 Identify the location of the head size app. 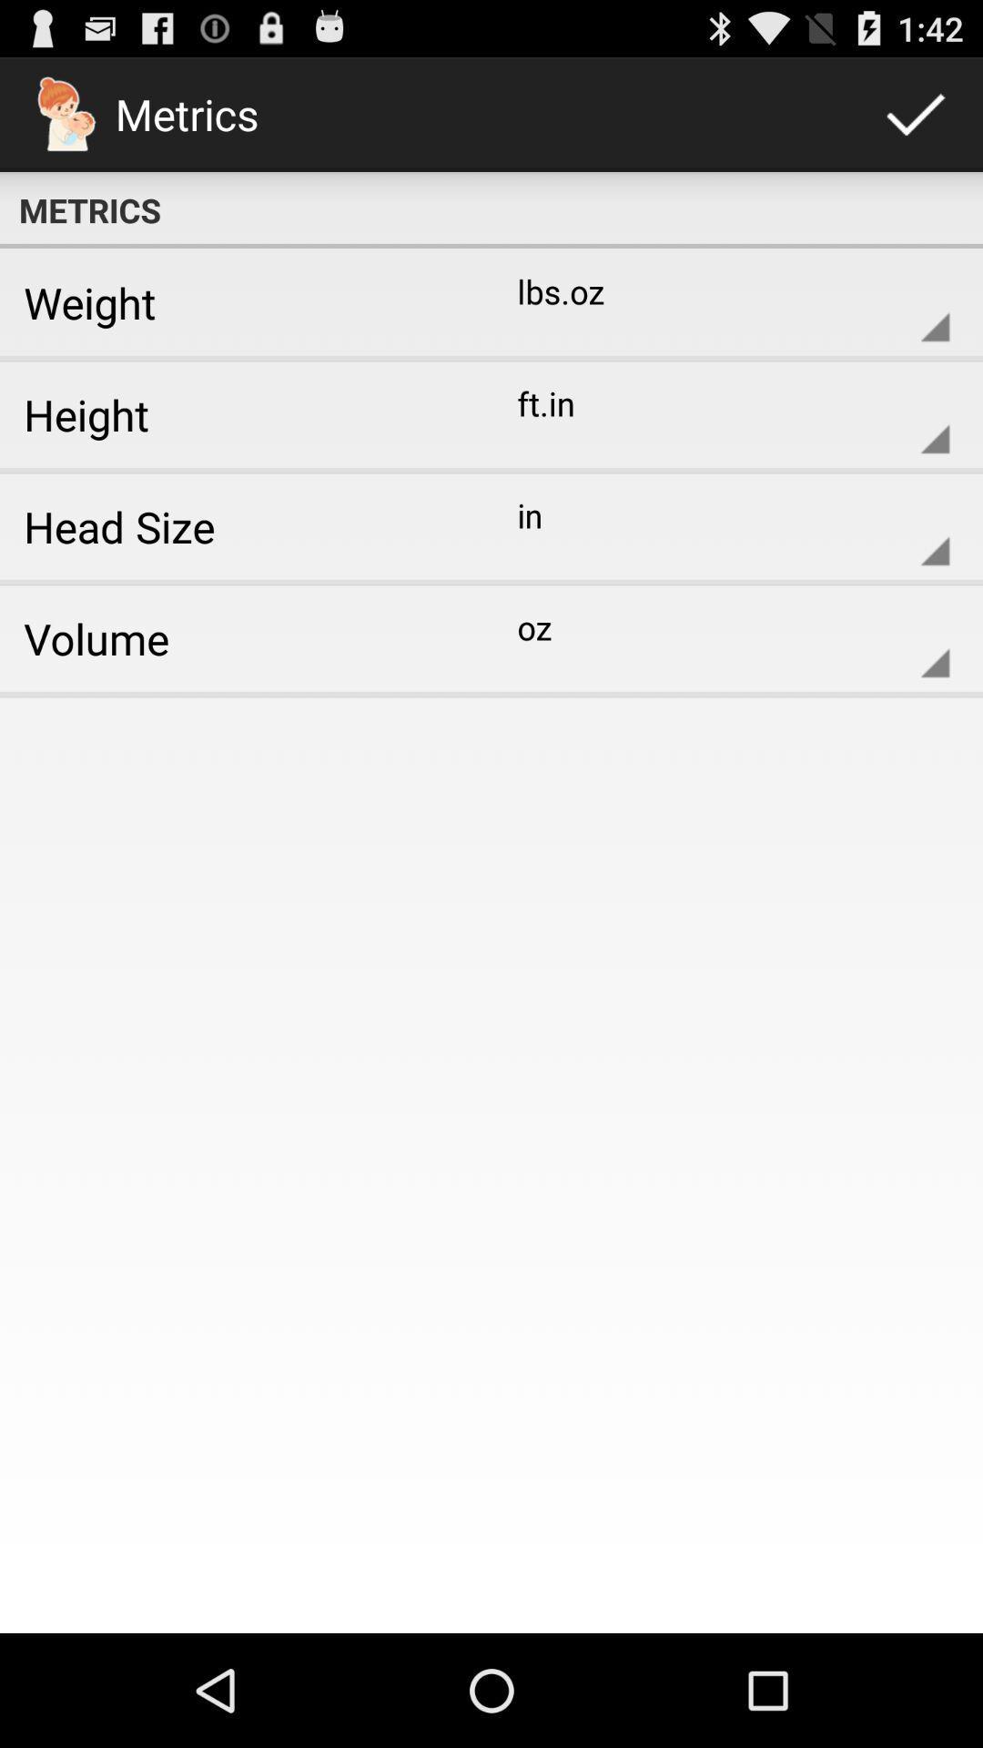
(238, 525).